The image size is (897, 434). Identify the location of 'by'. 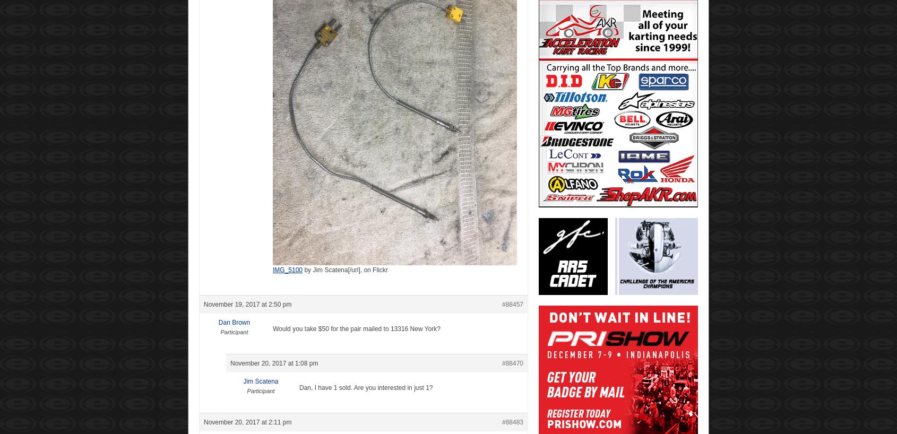
(302, 269).